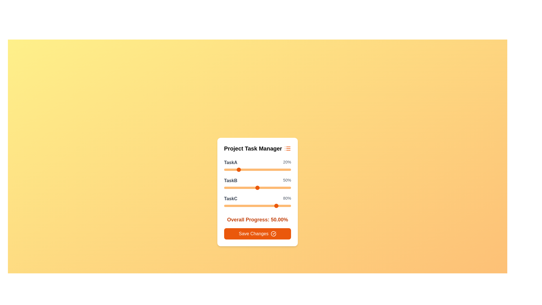 The image size is (542, 305). I want to click on the TaskA slider to 30%, so click(244, 169).